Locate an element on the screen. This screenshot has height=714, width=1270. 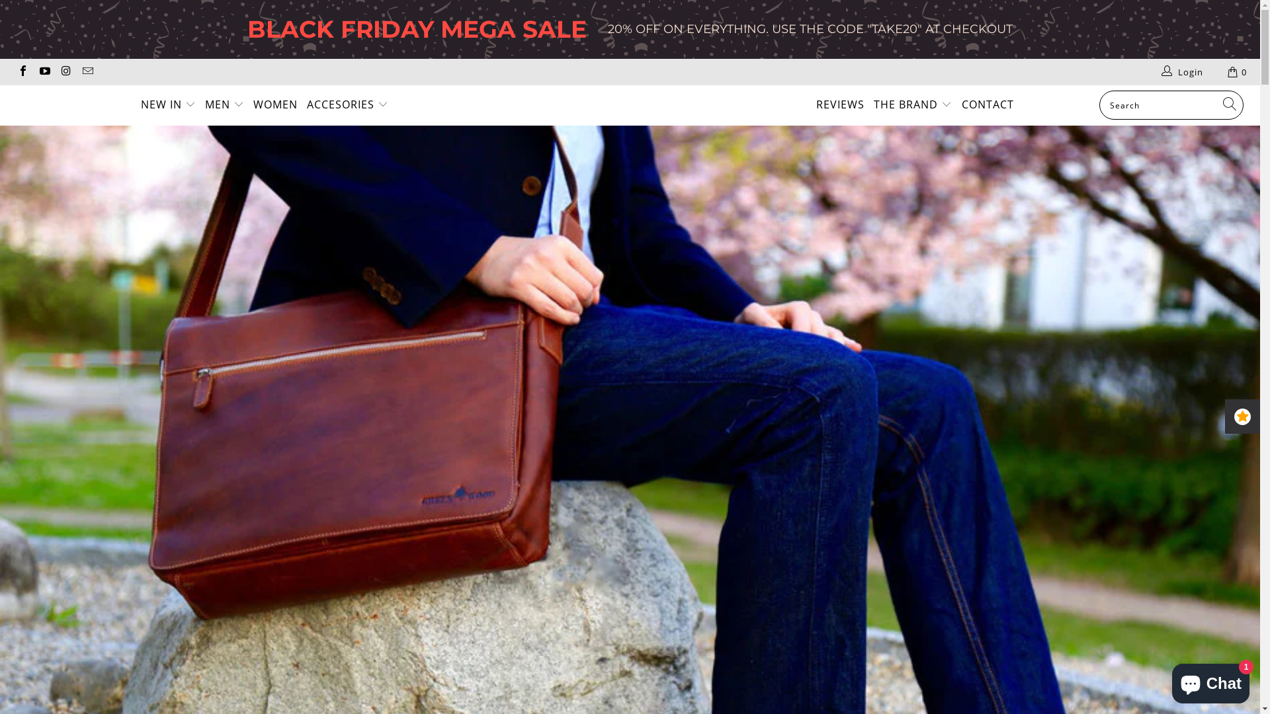
'Greenwood Leather on Instagram' is located at coordinates (65, 71).